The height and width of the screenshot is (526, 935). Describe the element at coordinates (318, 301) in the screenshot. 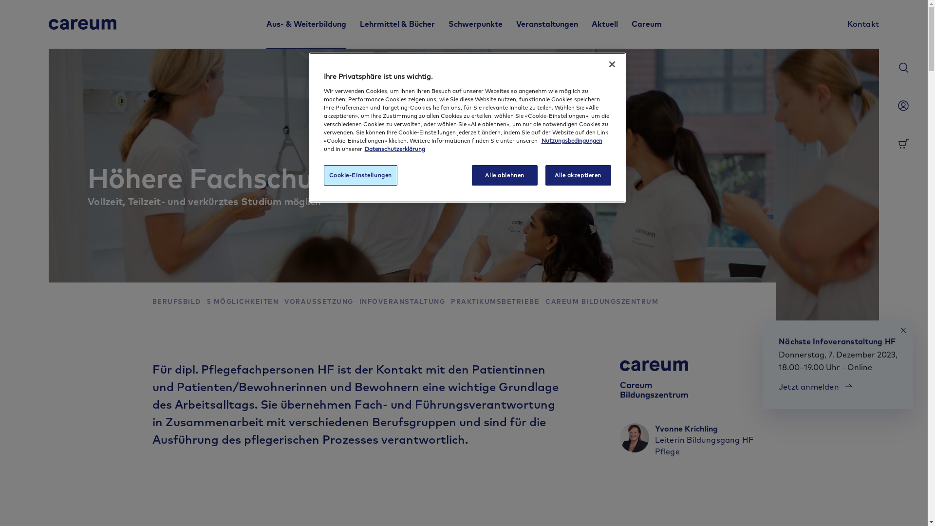

I see `'VORAUSSETZUNG'` at that location.